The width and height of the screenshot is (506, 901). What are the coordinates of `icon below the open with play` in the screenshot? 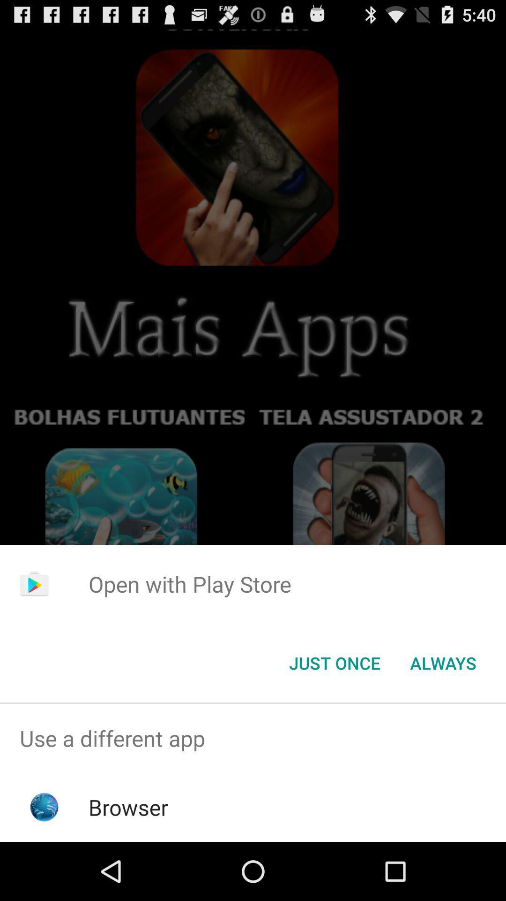 It's located at (334, 662).